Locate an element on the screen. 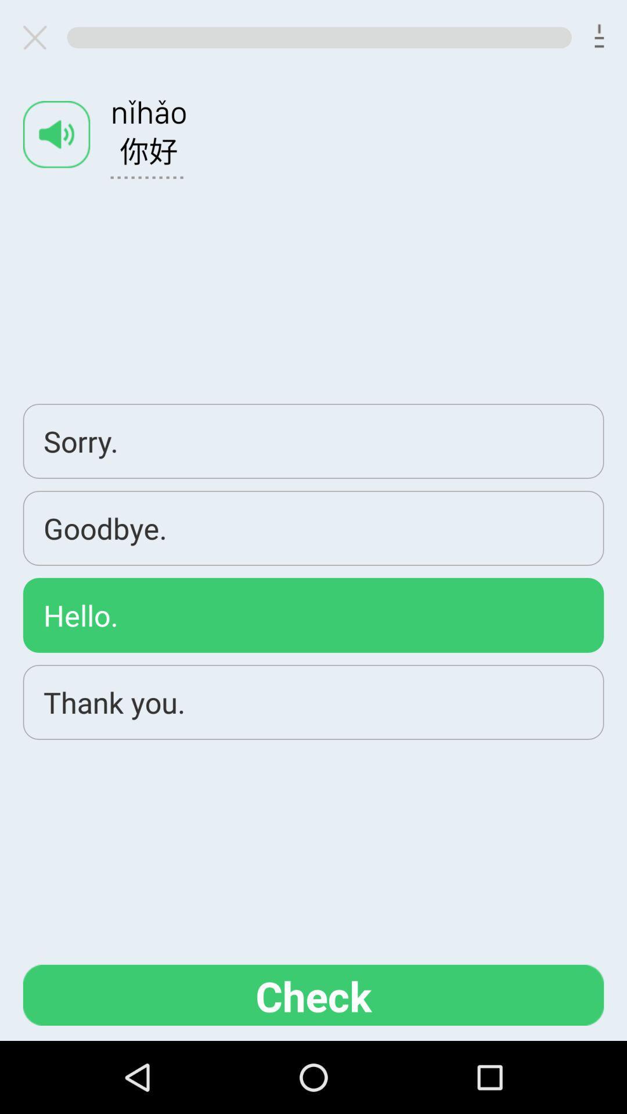 The width and height of the screenshot is (627, 1114). pronounce text is located at coordinates (56, 134).